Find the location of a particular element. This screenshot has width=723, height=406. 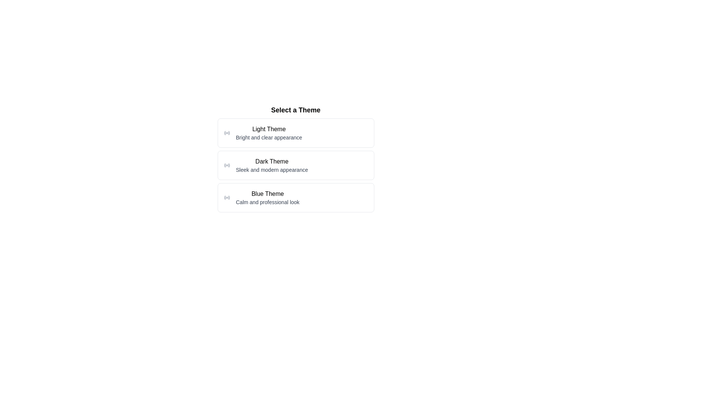

the text label element that says 'Bright and clear appearance', which is located directly below the 'Light Theme' heading in the first card of the theme selection options is located at coordinates (269, 138).